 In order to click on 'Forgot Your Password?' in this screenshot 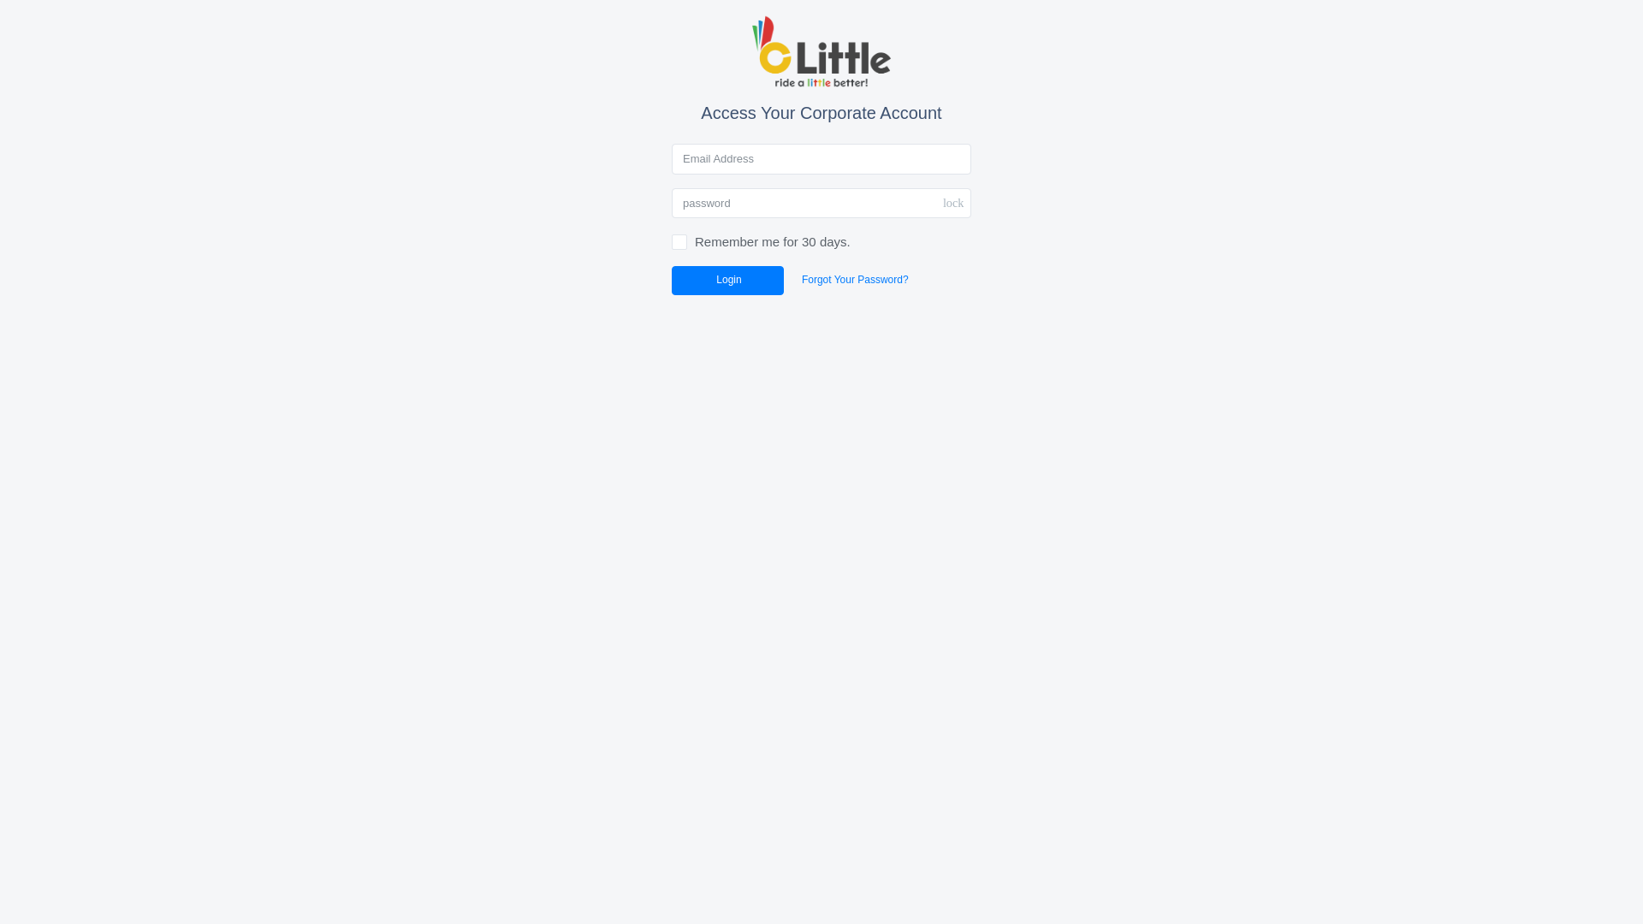, I will do `click(786, 279)`.